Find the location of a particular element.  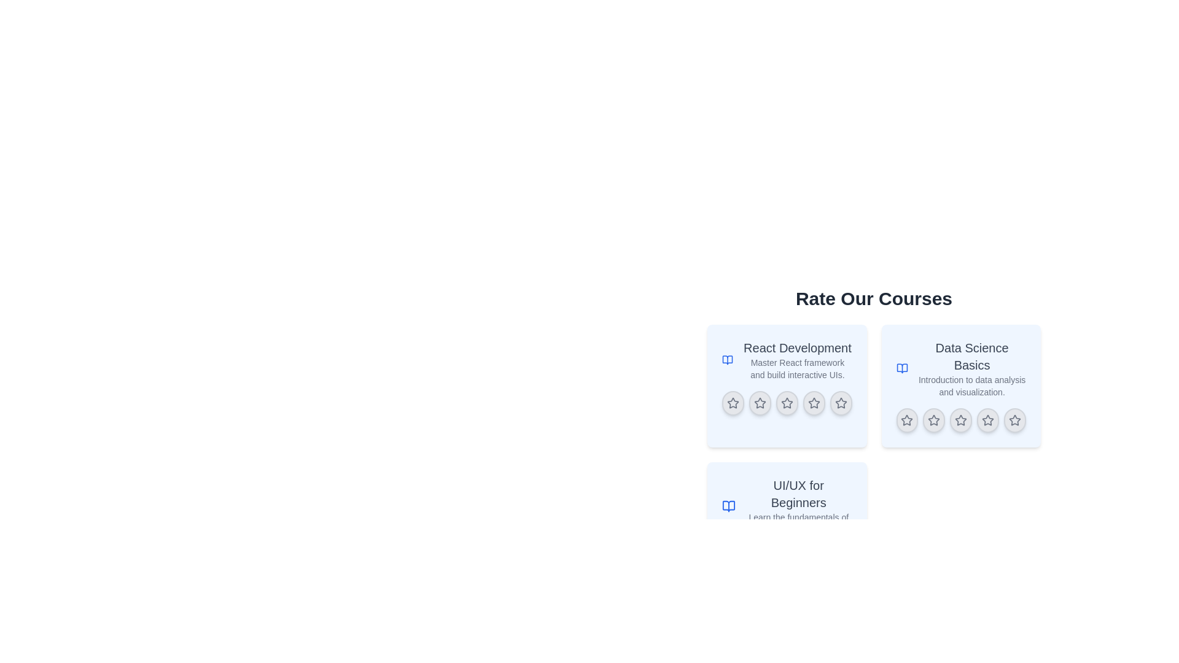

text element that displays 'Master React framework and build interactive UIs.' located below the header 'React Development' is located at coordinates (797, 368).